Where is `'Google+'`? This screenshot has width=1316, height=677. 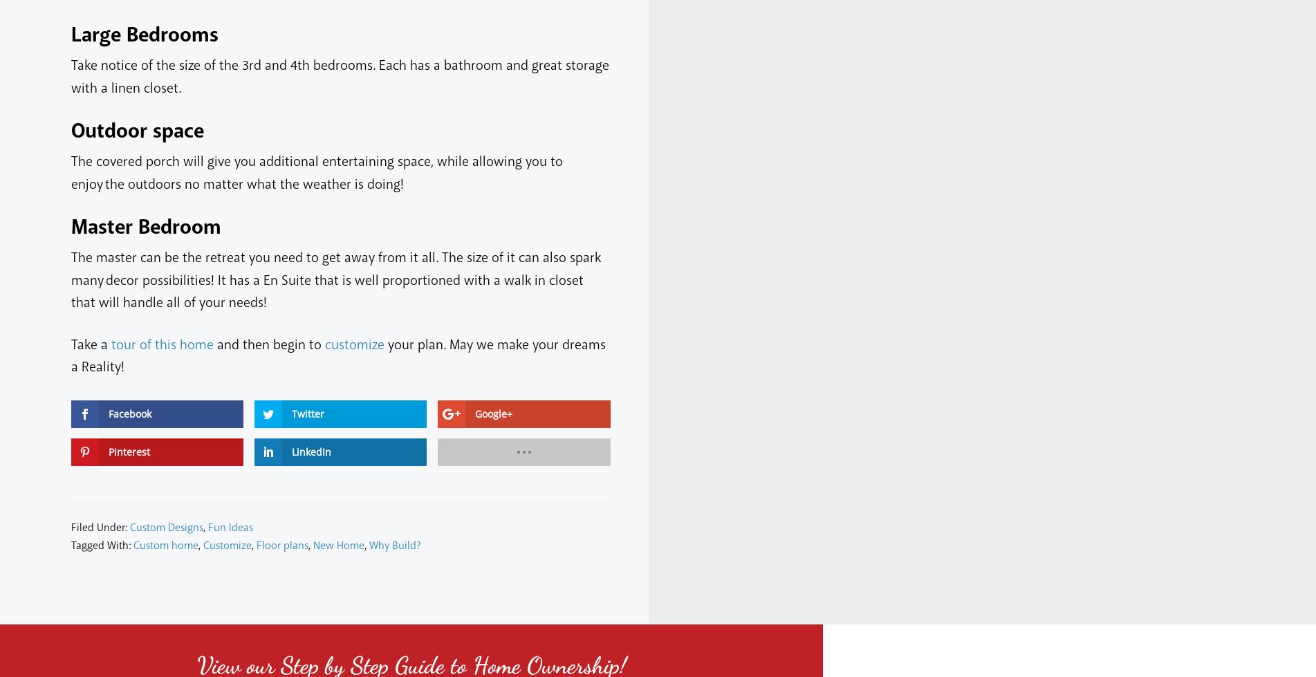 'Google+' is located at coordinates (493, 412).